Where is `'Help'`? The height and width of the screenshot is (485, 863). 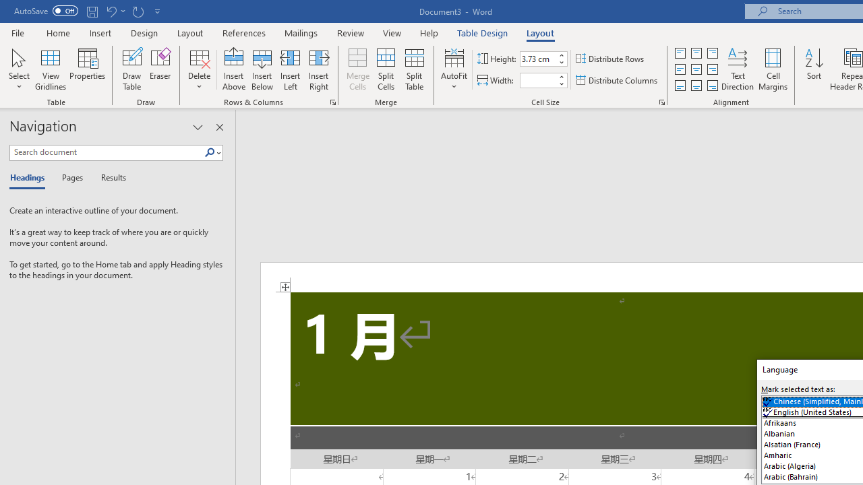 'Help' is located at coordinates (429, 32).